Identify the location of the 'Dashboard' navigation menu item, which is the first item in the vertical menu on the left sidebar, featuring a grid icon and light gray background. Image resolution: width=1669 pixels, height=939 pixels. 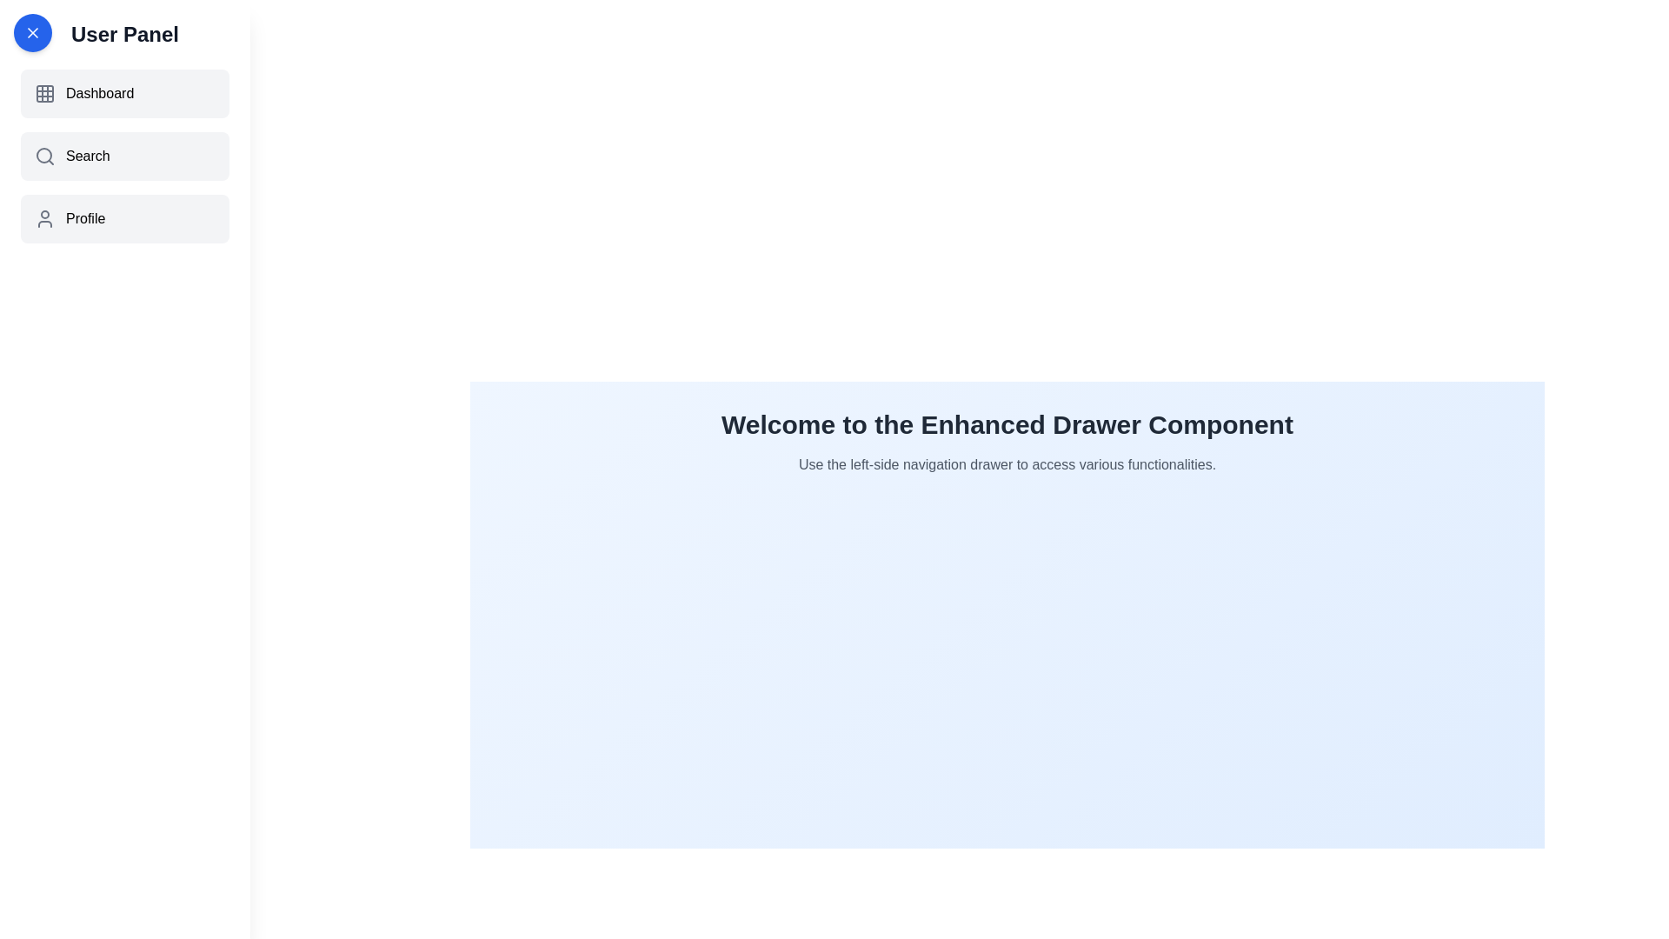
(124, 94).